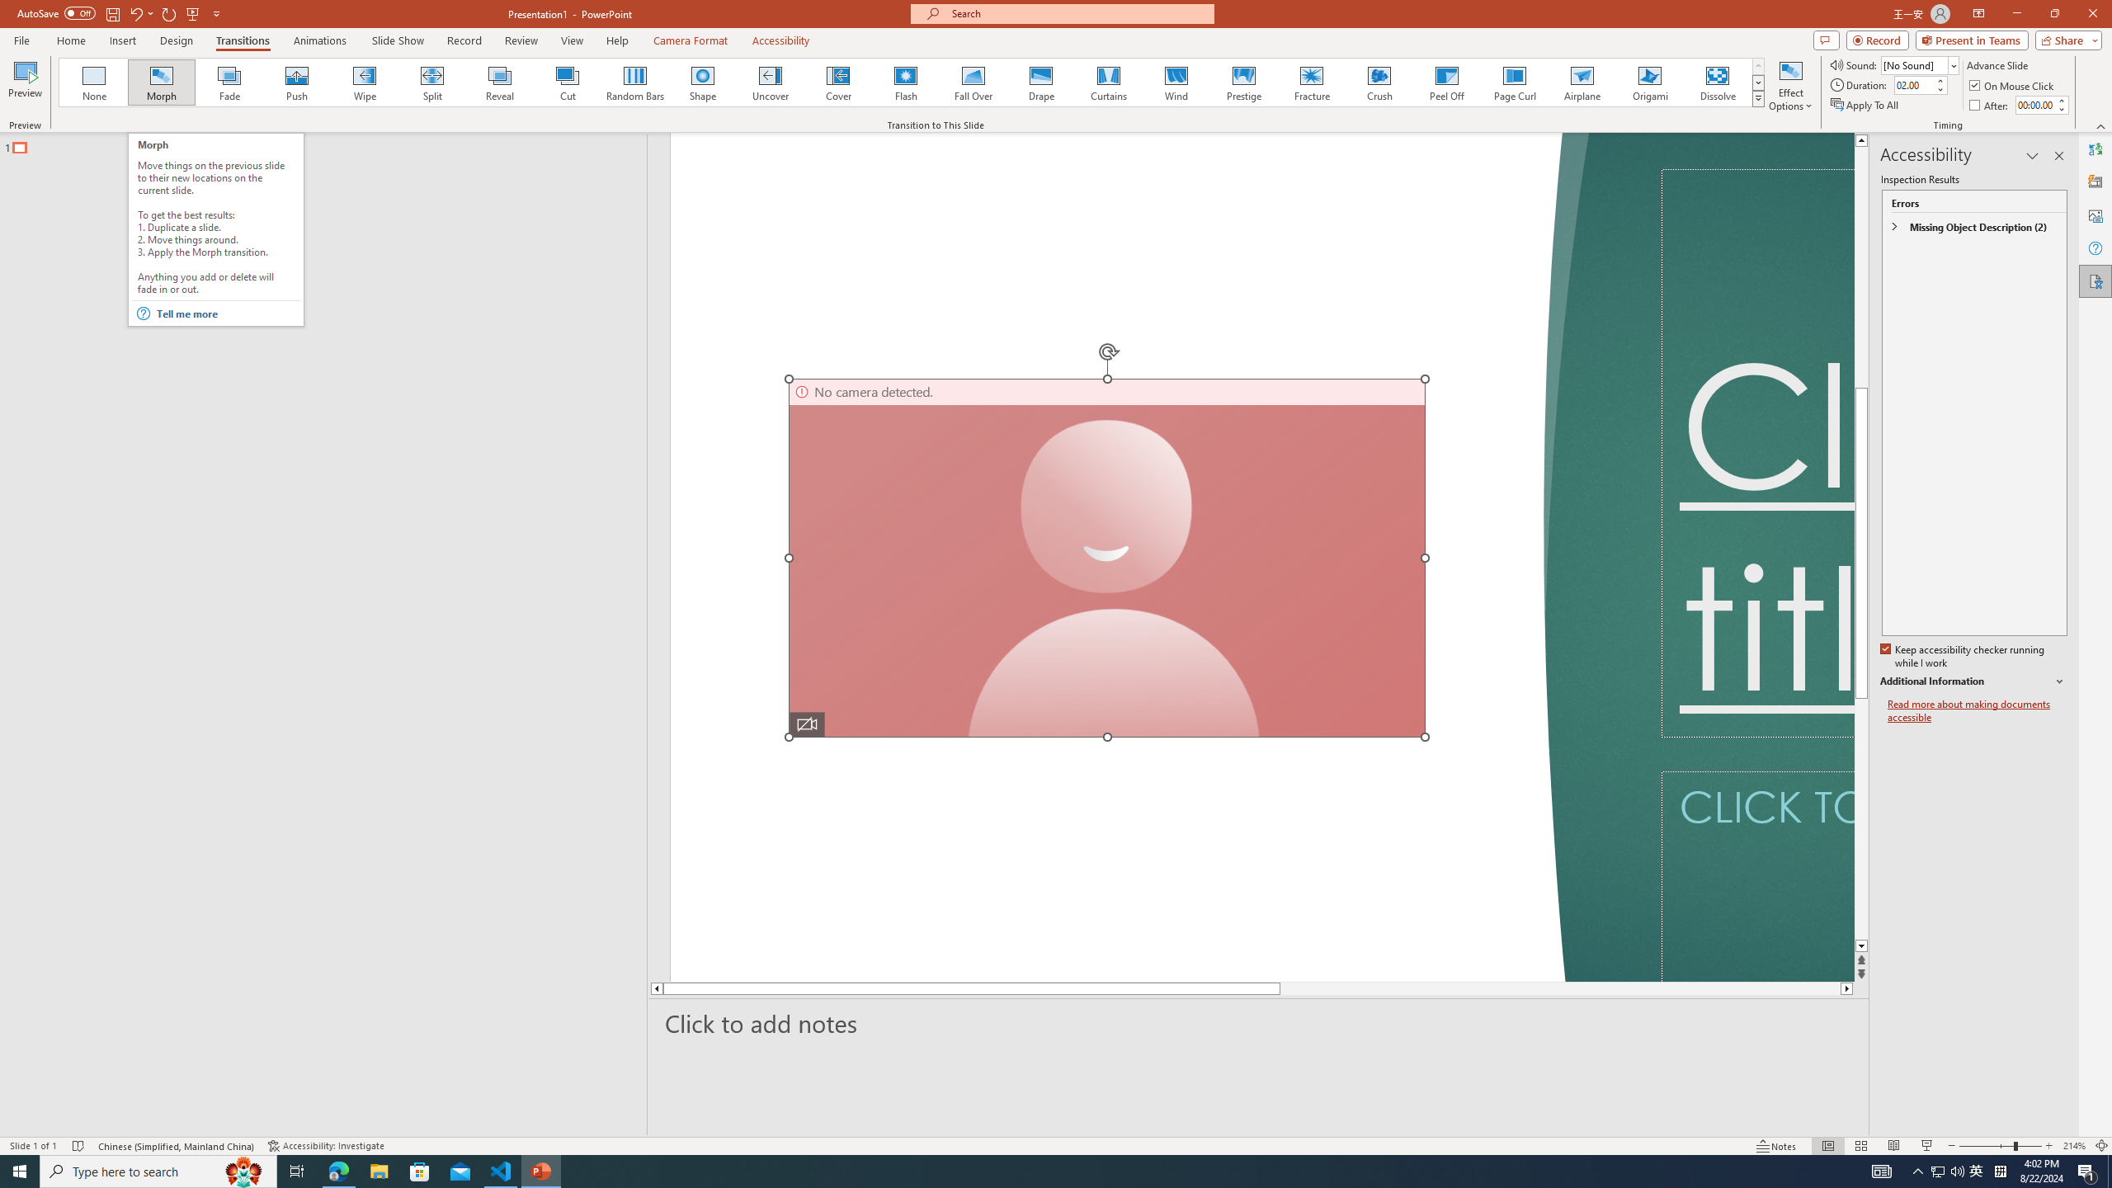 The width and height of the screenshot is (2112, 1188). What do you see at coordinates (500, 82) in the screenshot?
I see `'Reveal'` at bounding box center [500, 82].